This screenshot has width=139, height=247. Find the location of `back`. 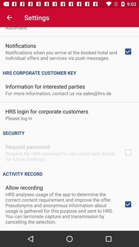

back is located at coordinates (9, 17).